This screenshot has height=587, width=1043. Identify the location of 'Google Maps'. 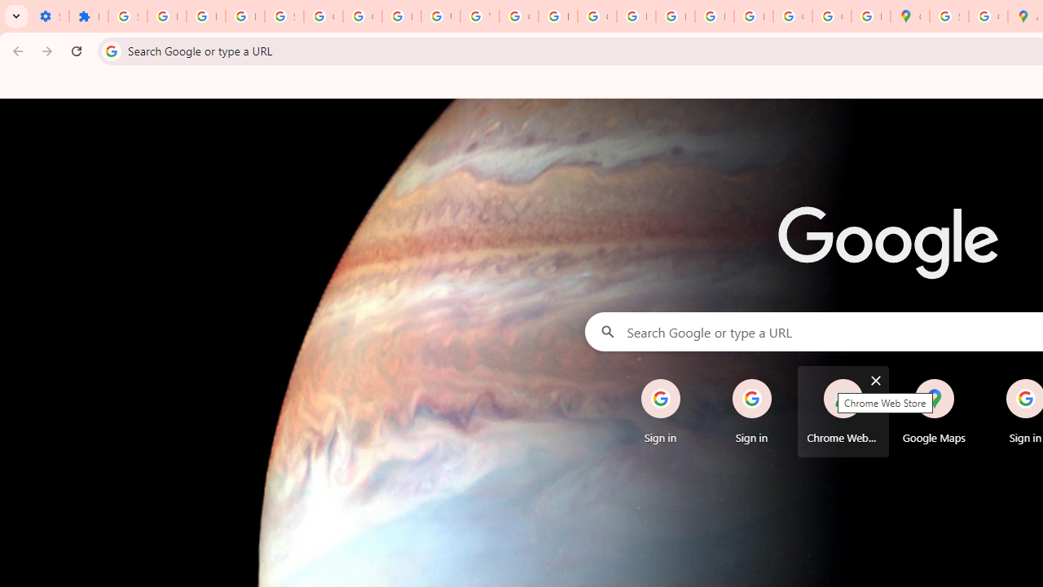
(934, 411).